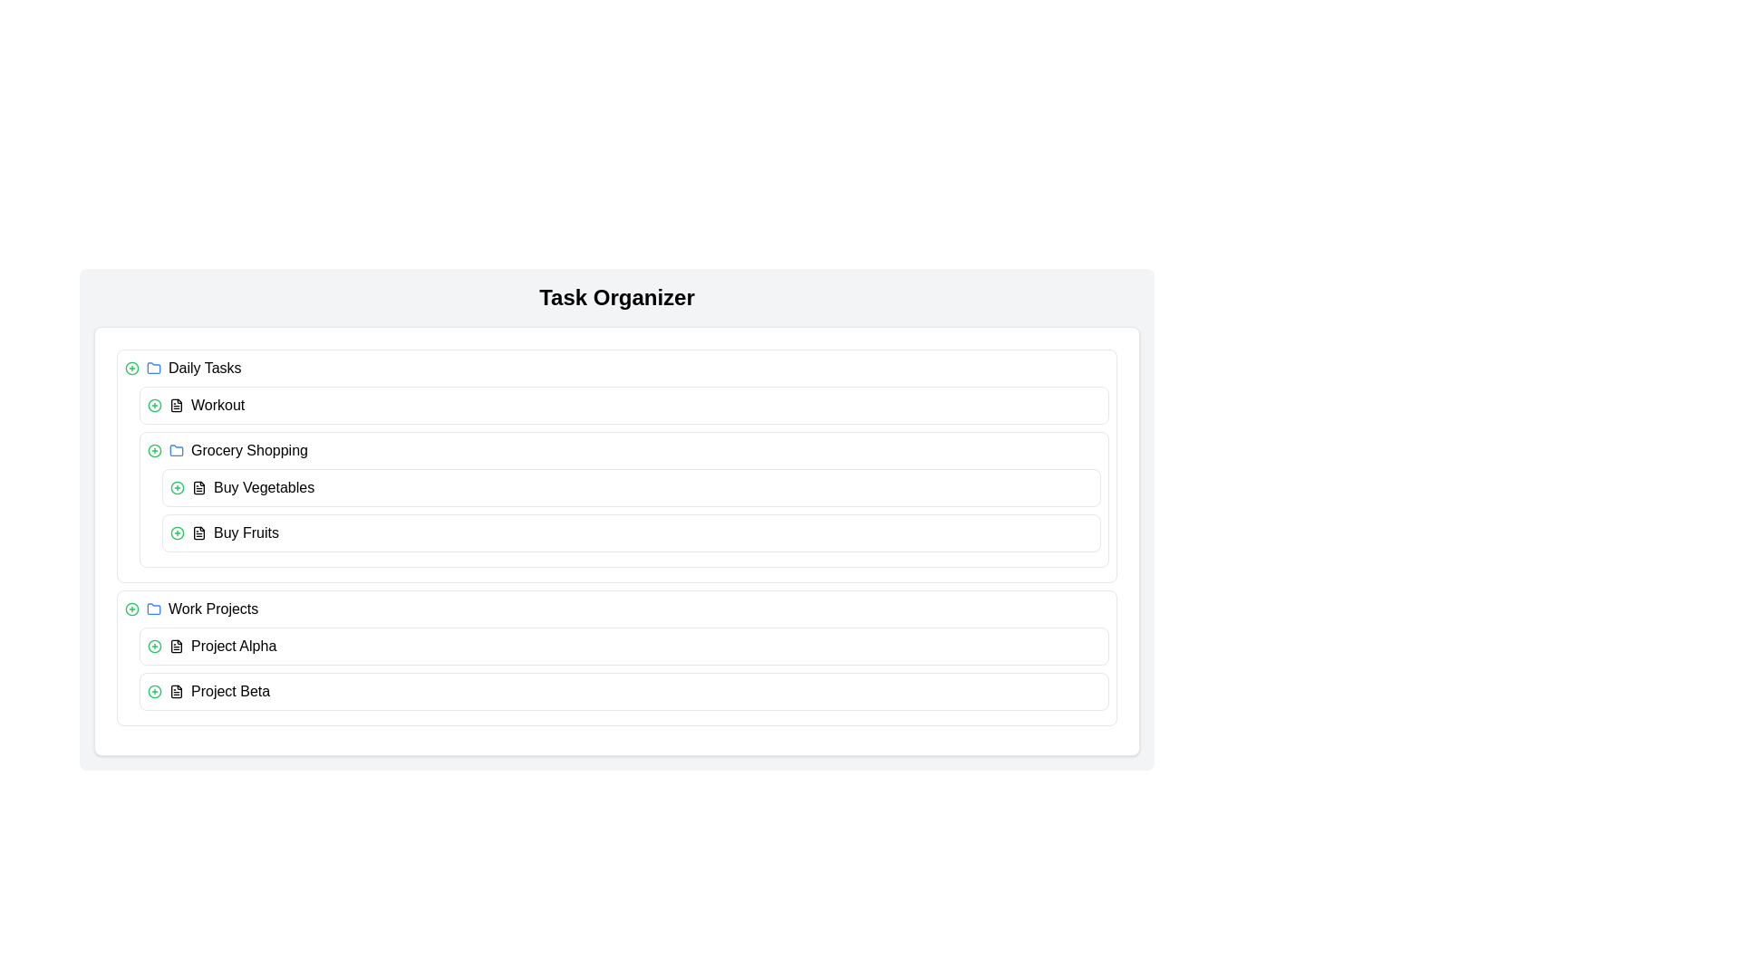 This screenshot has width=1740, height=978. What do you see at coordinates (177, 449) in the screenshot?
I see `the small folder icon with a blue outline, located to the left of the bold text label 'Grocery Shopping'` at bounding box center [177, 449].